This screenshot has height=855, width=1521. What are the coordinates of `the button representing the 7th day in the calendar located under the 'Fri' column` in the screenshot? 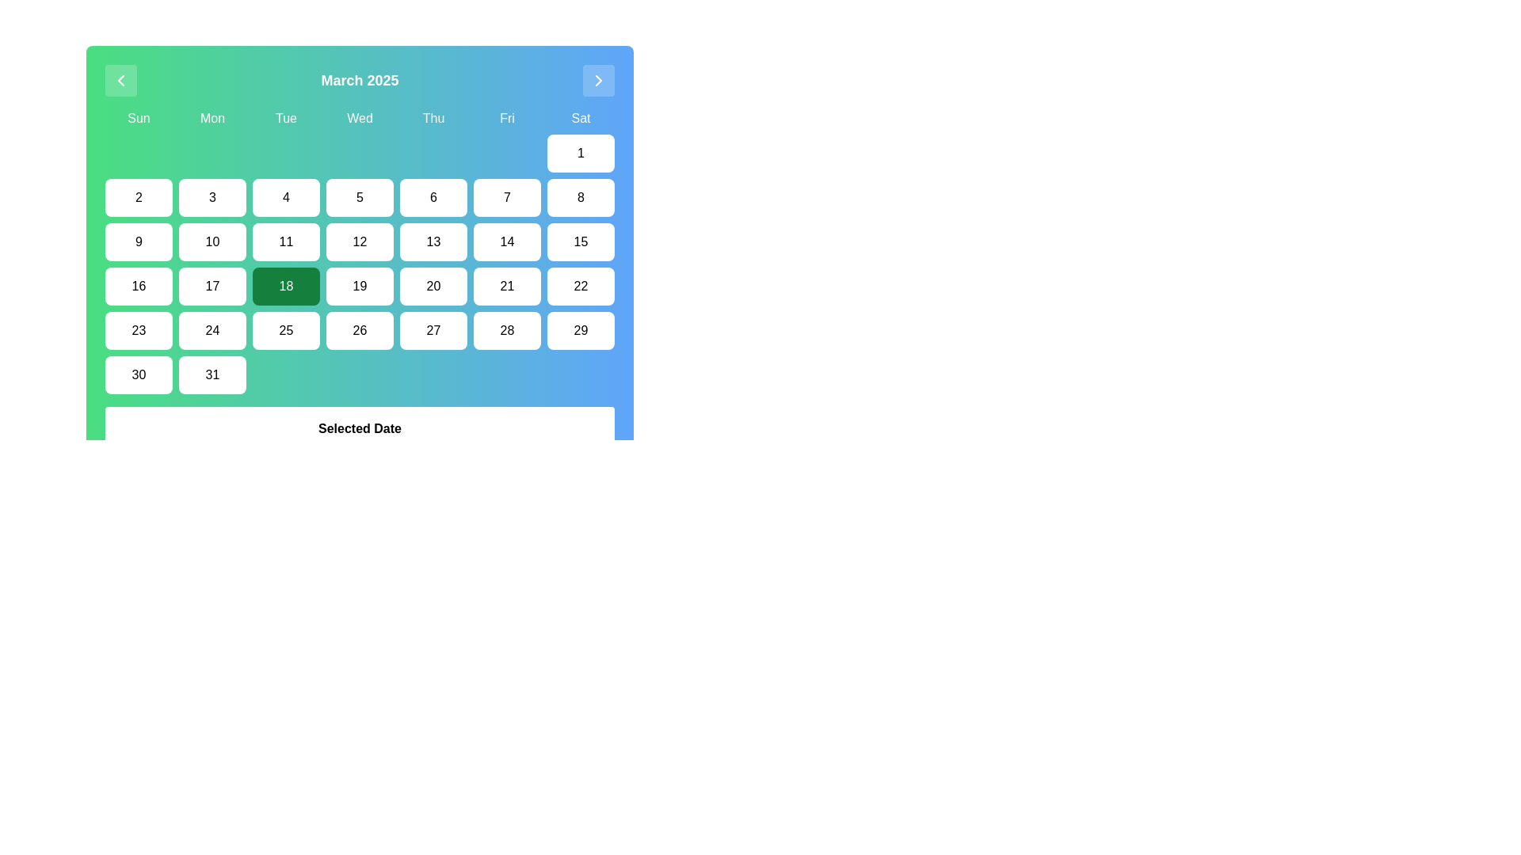 It's located at (507, 197).